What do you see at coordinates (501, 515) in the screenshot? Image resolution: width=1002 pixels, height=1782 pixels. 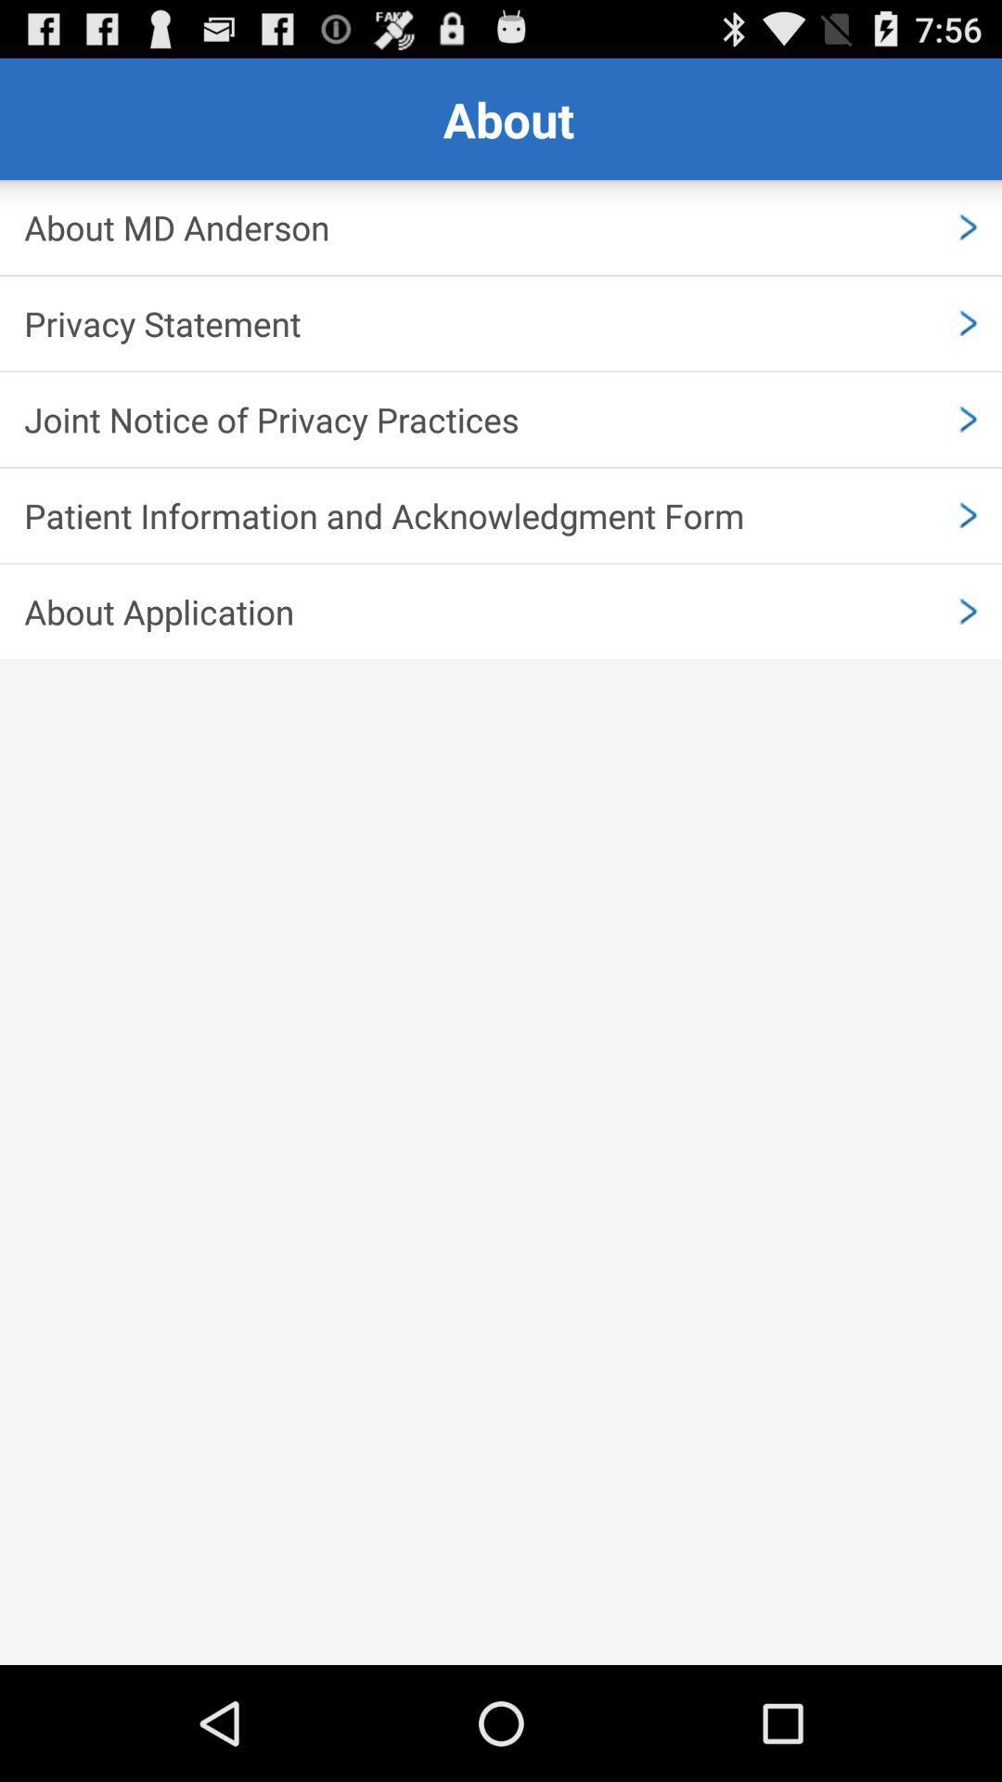 I see `patient information and` at bounding box center [501, 515].